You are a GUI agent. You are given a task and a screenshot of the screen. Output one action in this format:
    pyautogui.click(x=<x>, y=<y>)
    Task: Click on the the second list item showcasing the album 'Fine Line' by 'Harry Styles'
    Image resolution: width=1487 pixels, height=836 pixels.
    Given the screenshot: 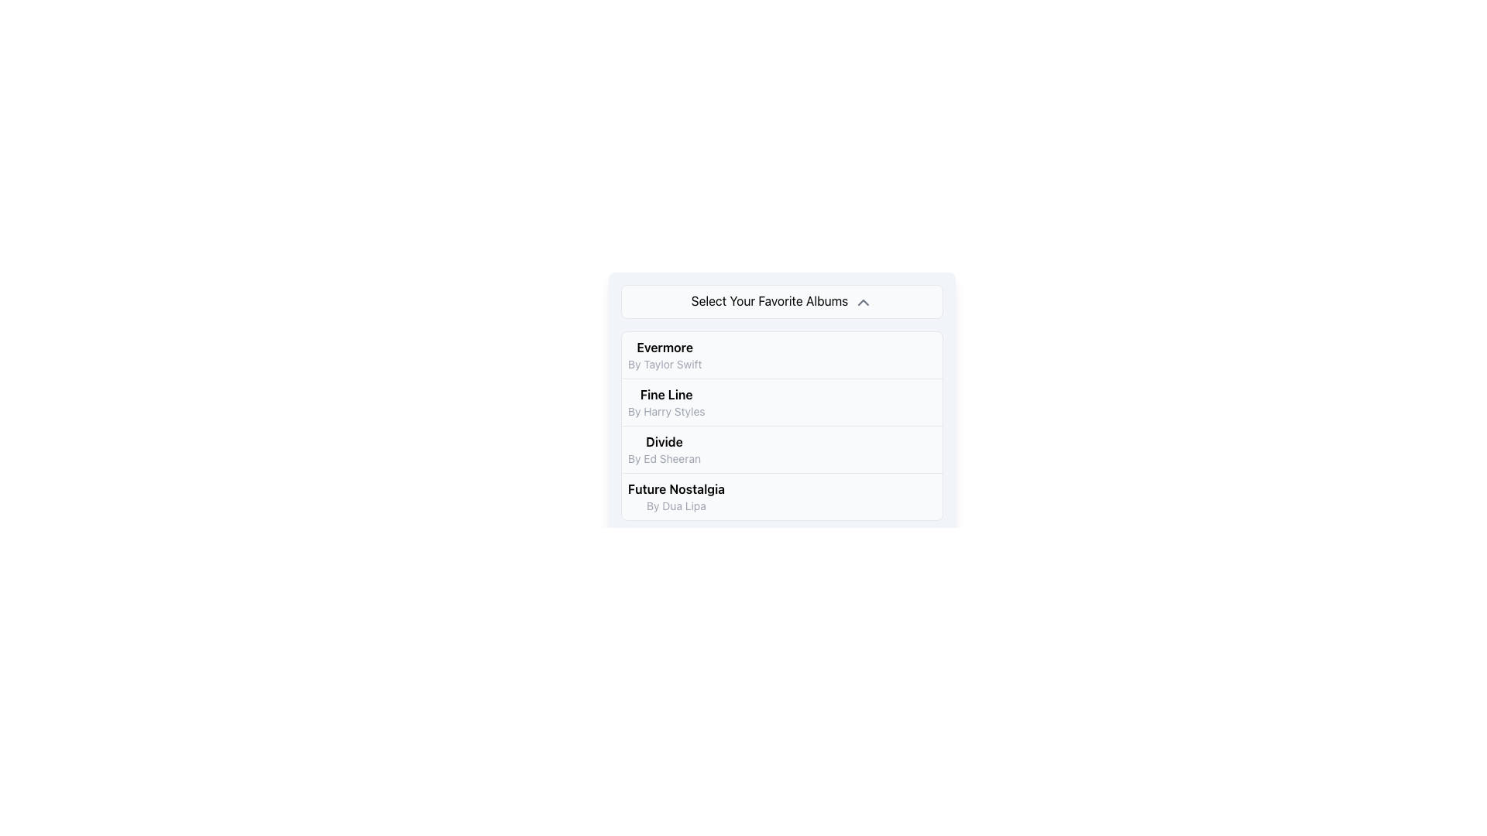 What is the action you would take?
    pyautogui.click(x=781, y=390)
    